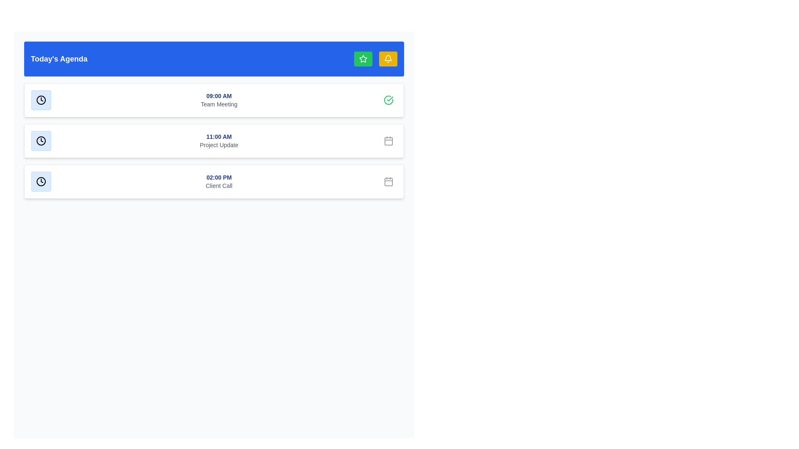 This screenshot has height=449, width=799. Describe the element at coordinates (41, 181) in the screenshot. I see `the clock icon with a circular outline located in the top-left corner of the third event entry in 'Today's Agenda'` at that location.